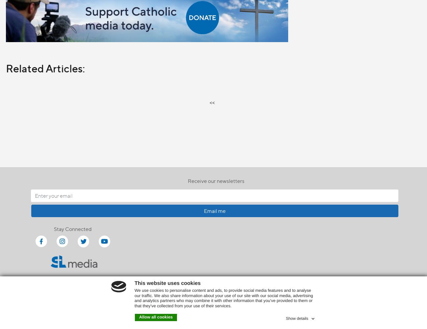  Describe the element at coordinates (223, 298) in the screenshot. I see `'We use cookies to personalise content and ads, to provide social media features and to analyse our traffic. We also share information about your use of our site with our social media, advertising and analytics partners who may combine it with other information that you’ve provided to them or that they’ve collected from your use of their services.'` at that location.